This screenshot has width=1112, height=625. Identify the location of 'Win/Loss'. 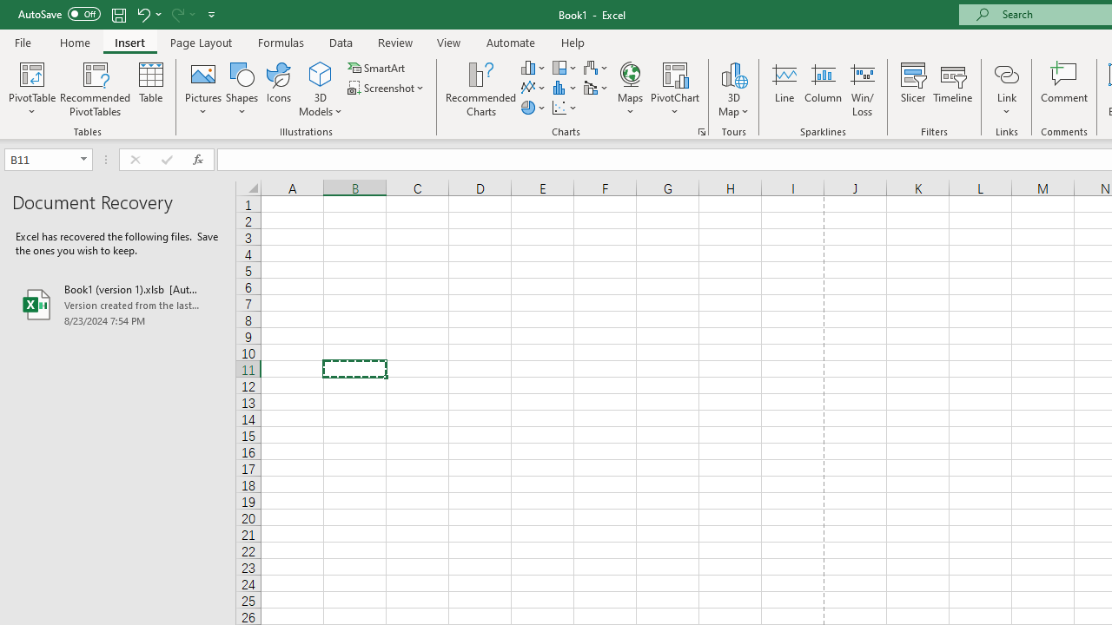
(862, 89).